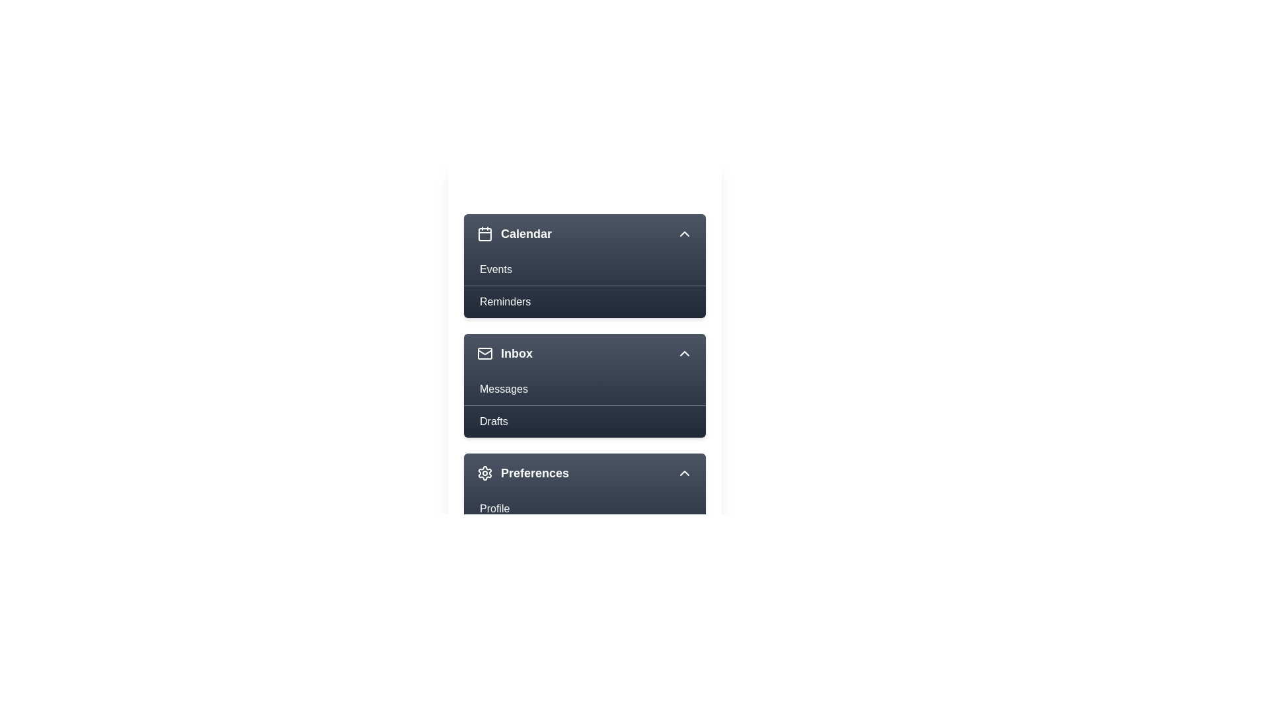 This screenshot has height=714, width=1269. Describe the element at coordinates (584, 269) in the screenshot. I see `the menu item Events from the section Calendar` at that location.